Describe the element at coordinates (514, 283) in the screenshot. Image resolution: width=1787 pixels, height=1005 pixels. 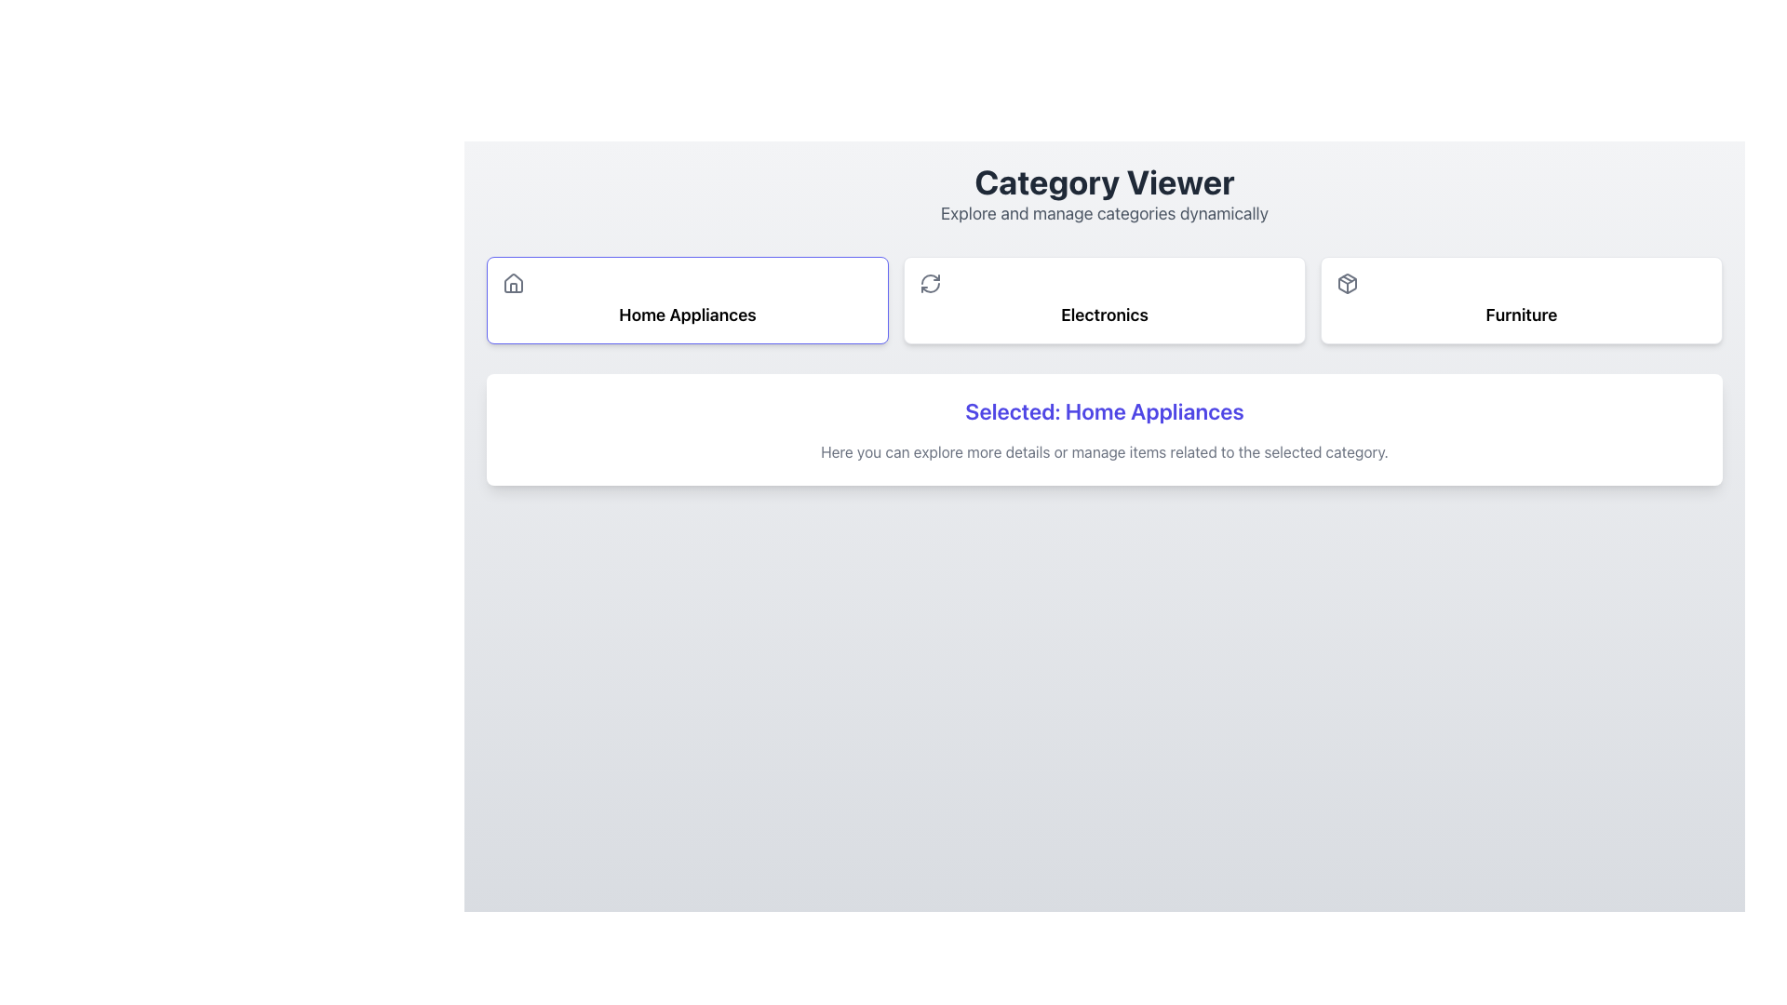
I see `the home appliances icon located in the top-left corner of the 'Home Appliances' button in the category selection menu` at that location.